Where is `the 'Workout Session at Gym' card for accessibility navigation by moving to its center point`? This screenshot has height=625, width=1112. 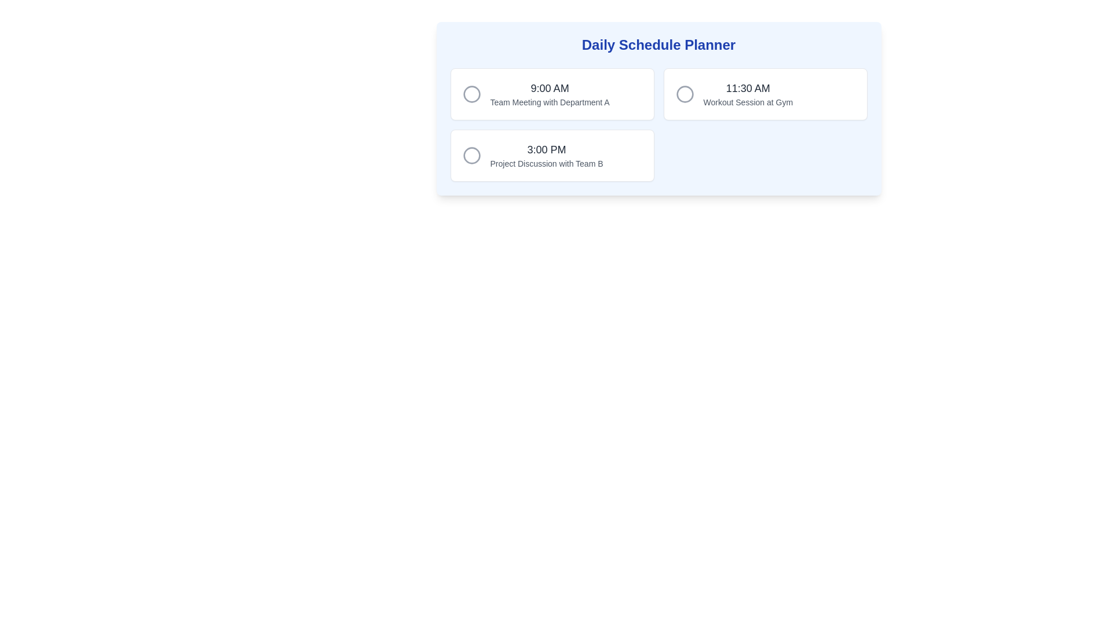
the 'Workout Session at Gym' card for accessibility navigation by moving to its center point is located at coordinates (765, 93).